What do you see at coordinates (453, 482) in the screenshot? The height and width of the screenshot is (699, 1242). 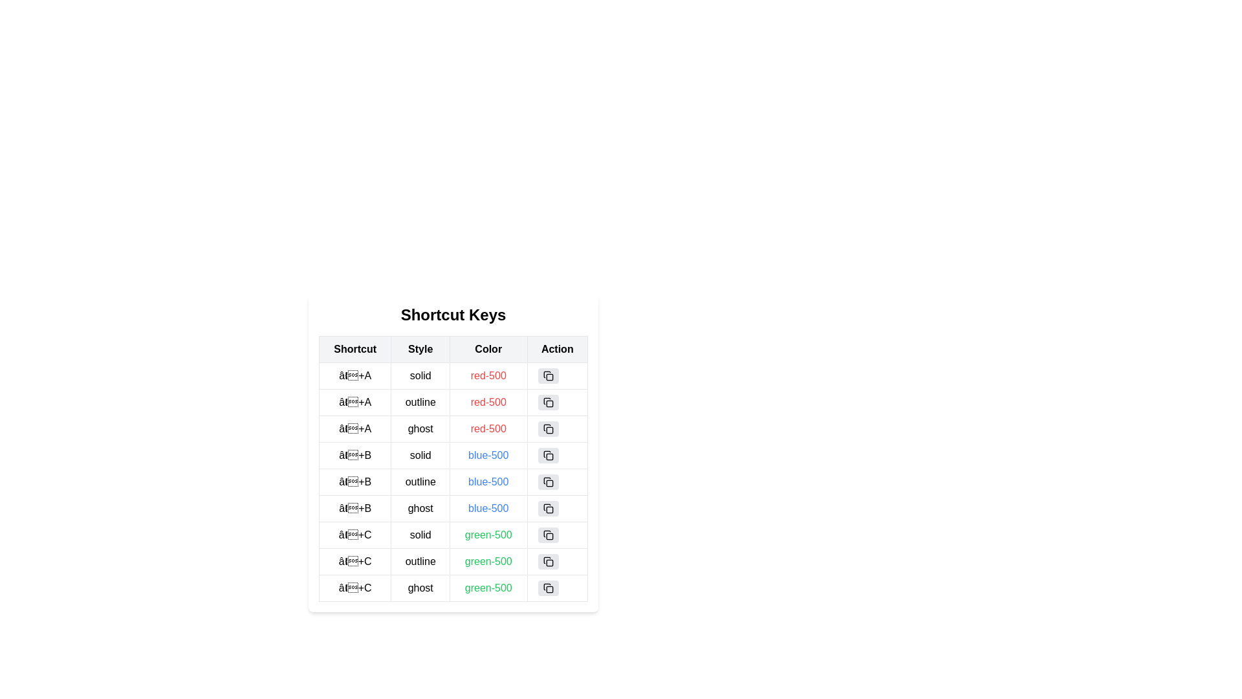 I see `to select the sixth row of the data grid, which represents the shortcut key '⌘+B' with style 'outline' and color 'blue-500'` at bounding box center [453, 482].